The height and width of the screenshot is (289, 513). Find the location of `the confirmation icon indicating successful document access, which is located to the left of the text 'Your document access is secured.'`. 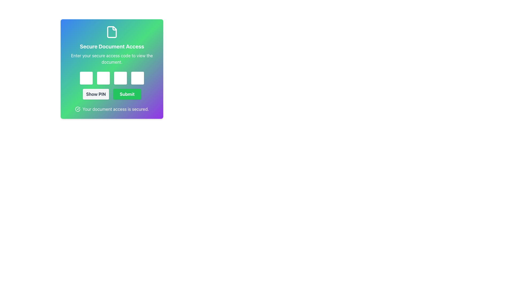

the confirmation icon indicating successful document access, which is located to the left of the text 'Your document access is secured.' is located at coordinates (77, 109).